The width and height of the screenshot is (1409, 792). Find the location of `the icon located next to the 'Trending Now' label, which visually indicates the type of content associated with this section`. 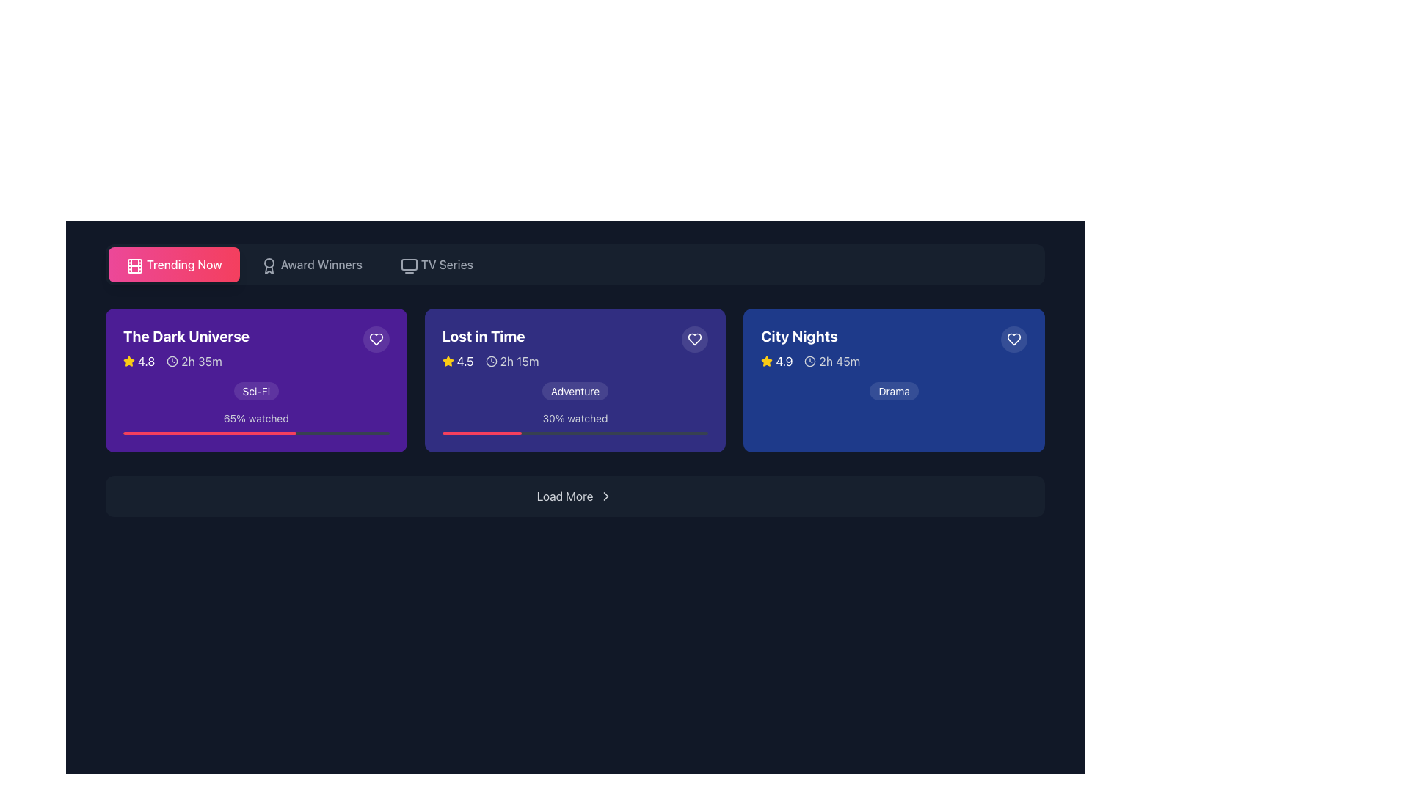

the icon located next to the 'Trending Now' label, which visually indicates the type of content associated with this section is located at coordinates (134, 265).